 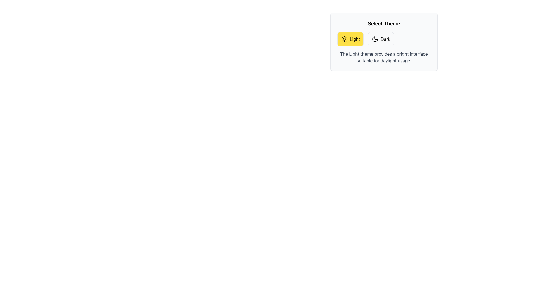 What do you see at coordinates (344, 39) in the screenshot?
I see `the sun-shaped icon with rays in the 'Select Theme' section` at bounding box center [344, 39].